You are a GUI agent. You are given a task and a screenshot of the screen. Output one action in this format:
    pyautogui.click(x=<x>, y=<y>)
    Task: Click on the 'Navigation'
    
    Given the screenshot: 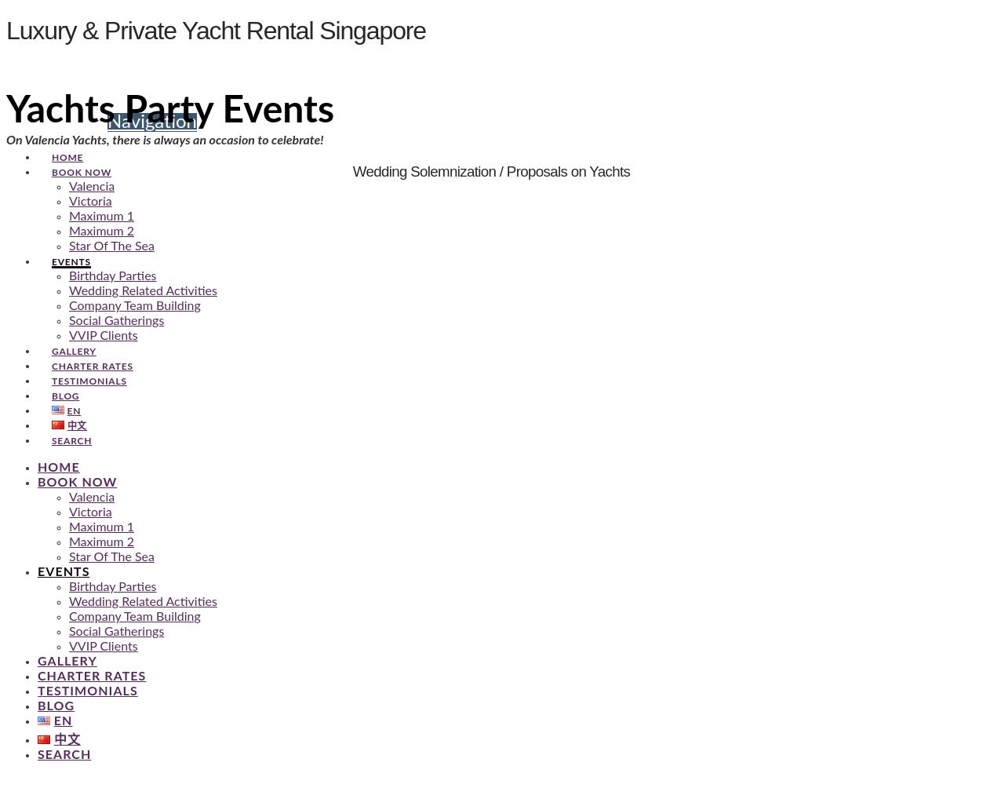 What is the action you would take?
    pyautogui.click(x=151, y=122)
    